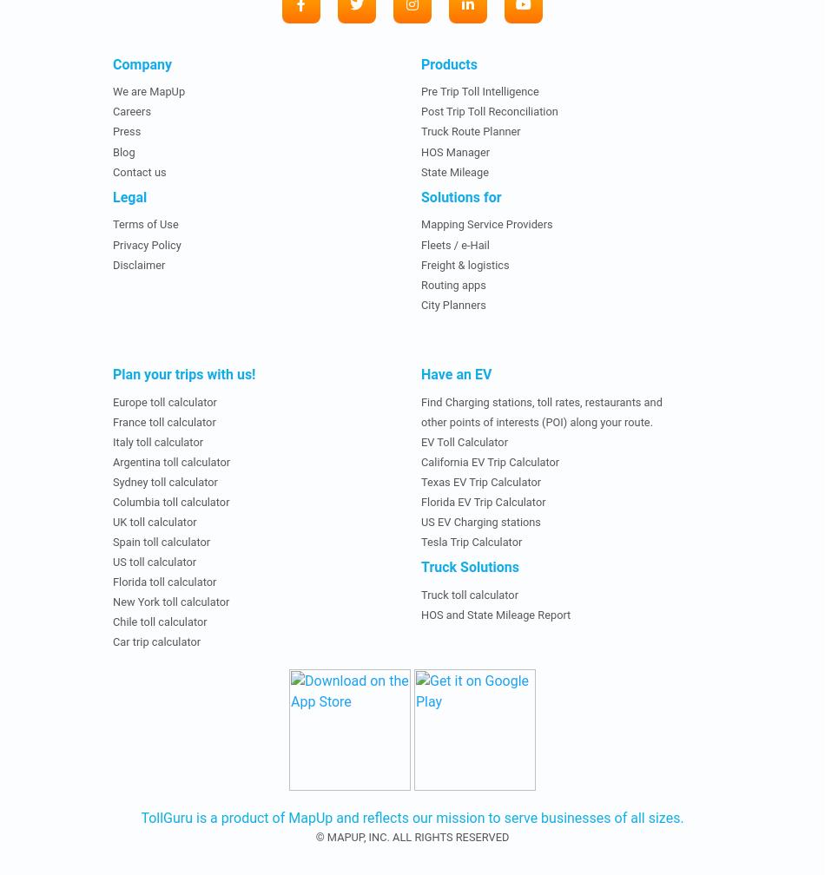 This screenshot has width=838, height=875. What do you see at coordinates (421, 481) in the screenshot?
I see `'Texas EV Trip Calculator'` at bounding box center [421, 481].